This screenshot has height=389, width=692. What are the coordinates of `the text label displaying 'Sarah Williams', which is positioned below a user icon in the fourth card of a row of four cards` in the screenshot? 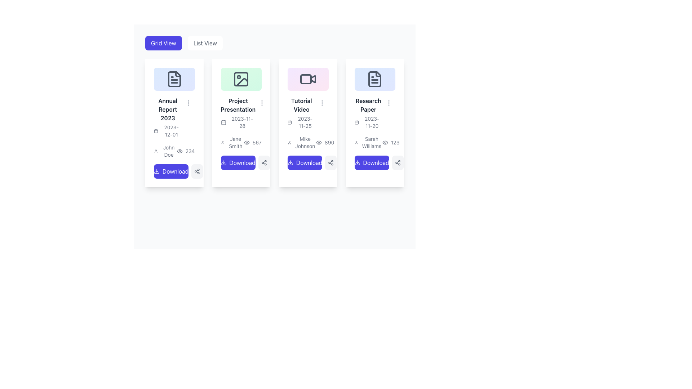 It's located at (372, 142).